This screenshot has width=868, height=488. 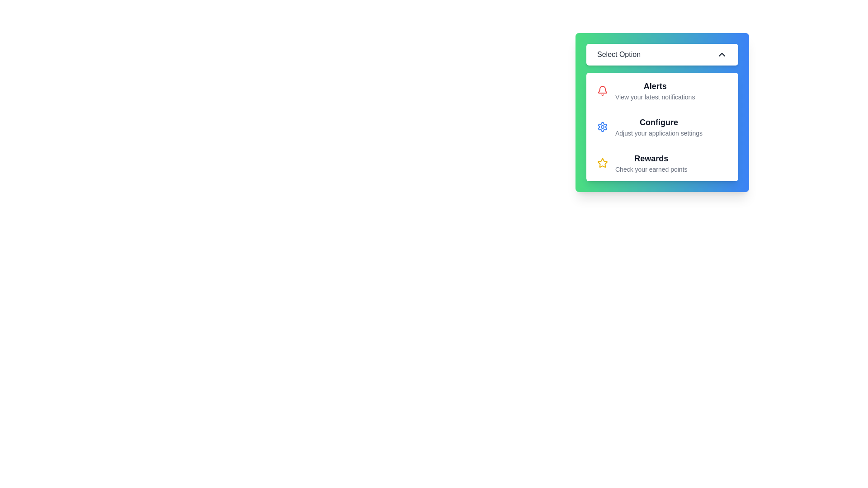 What do you see at coordinates (659, 127) in the screenshot?
I see `the 'Configure' navigation option, which features a bold title and a descriptive text in a dropdown menu, positioned between 'Alerts' and 'Rewards'` at bounding box center [659, 127].